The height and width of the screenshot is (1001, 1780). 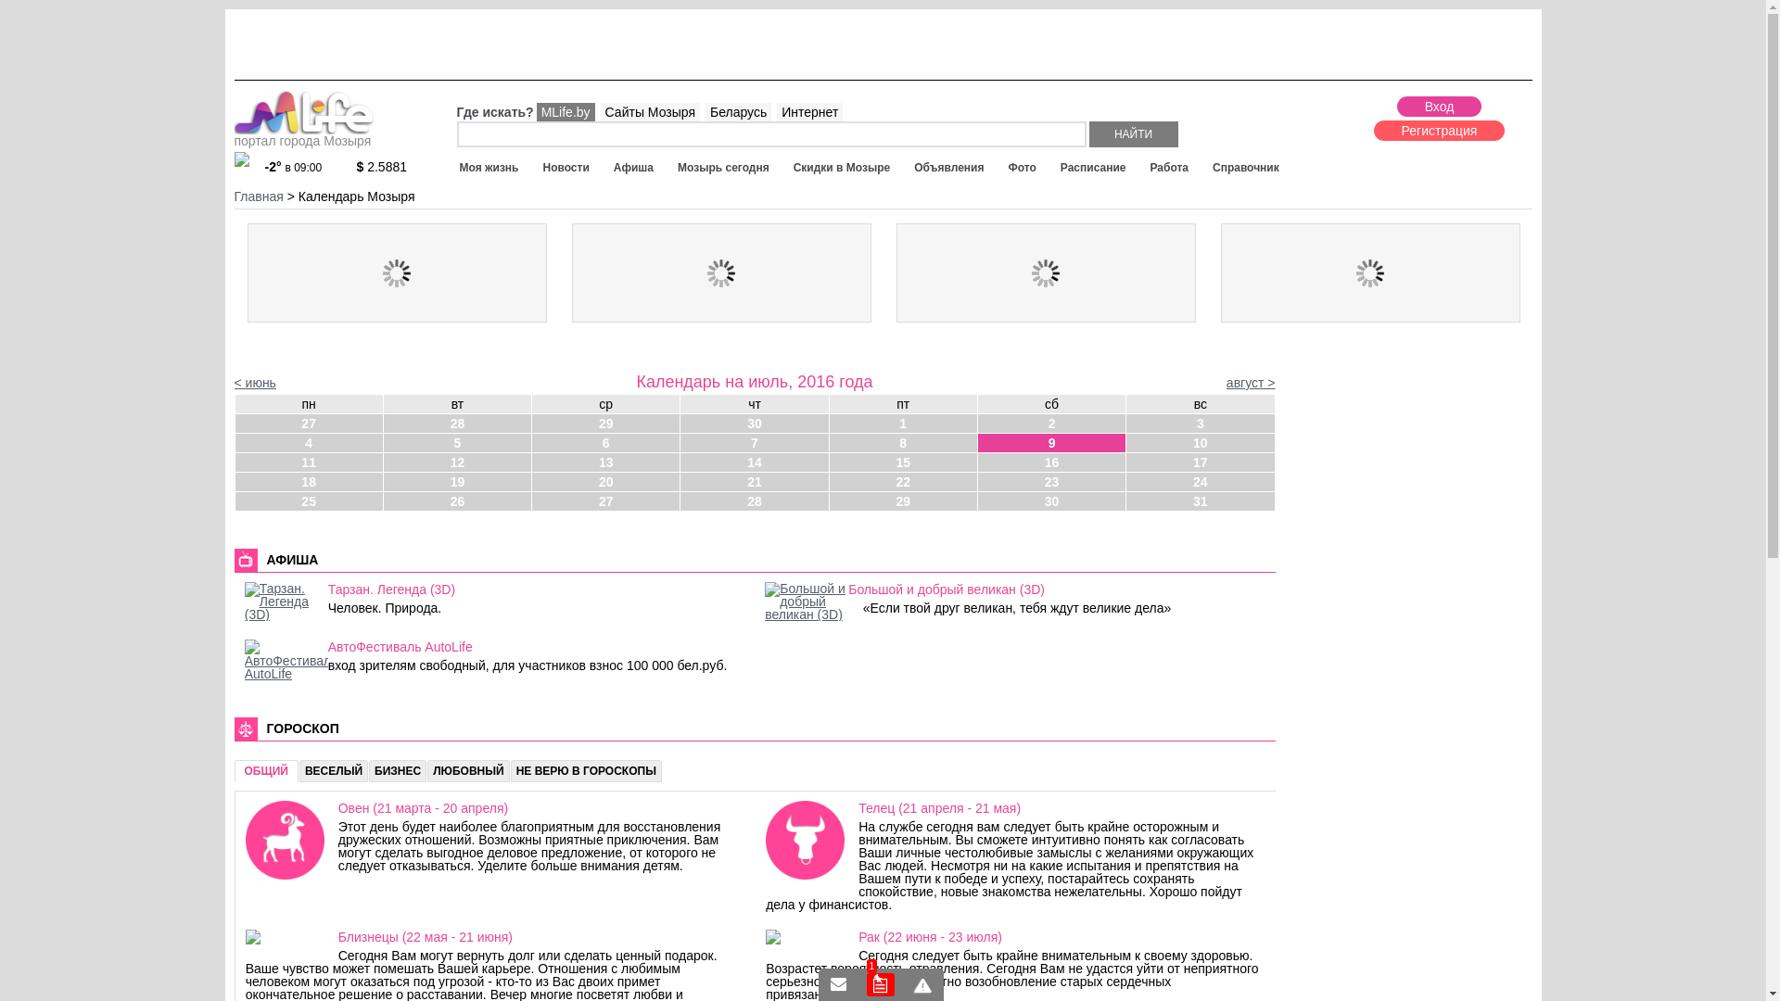 What do you see at coordinates (903, 481) in the screenshot?
I see `'22'` at bounding box center [903, 481].